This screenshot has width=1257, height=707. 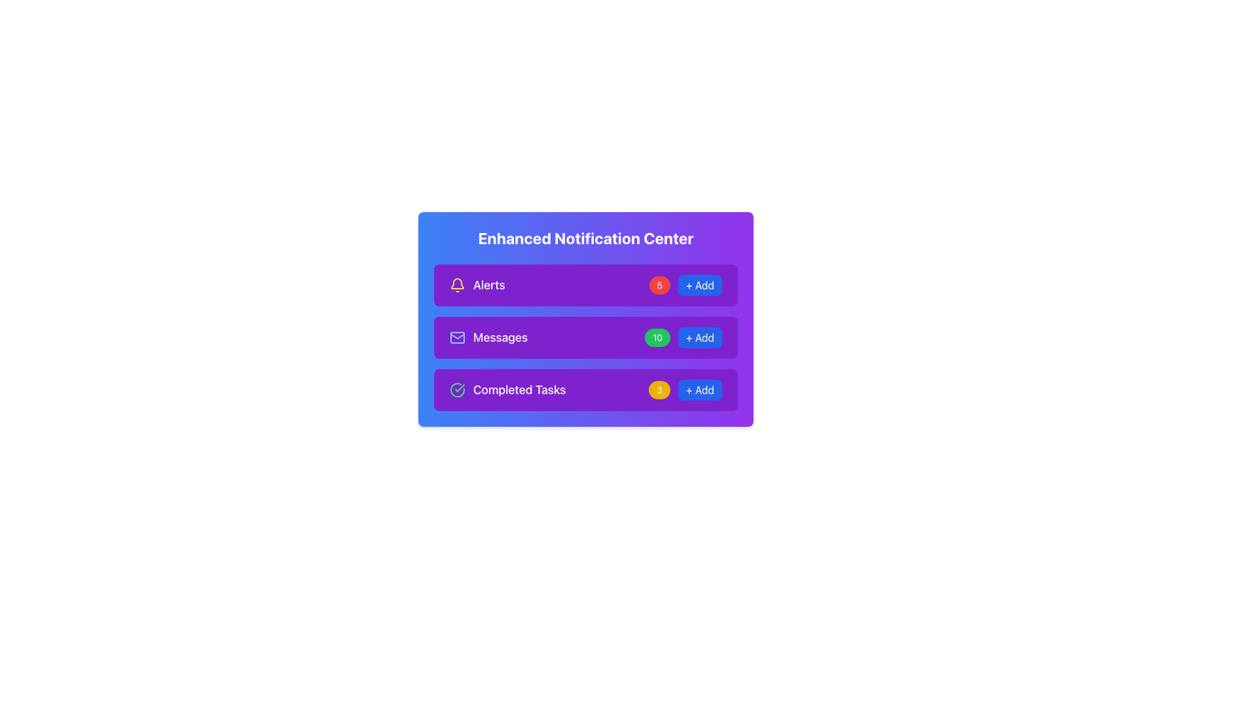 What do you see at coordinates (659, 284) in the screenshot?
I see `the small, rounded red badge displaying the digit '5', located in the 'Alerts' section, adjacent to the 'Alerts' label and before the '+ Add' button` at bounding box center [659, 284].